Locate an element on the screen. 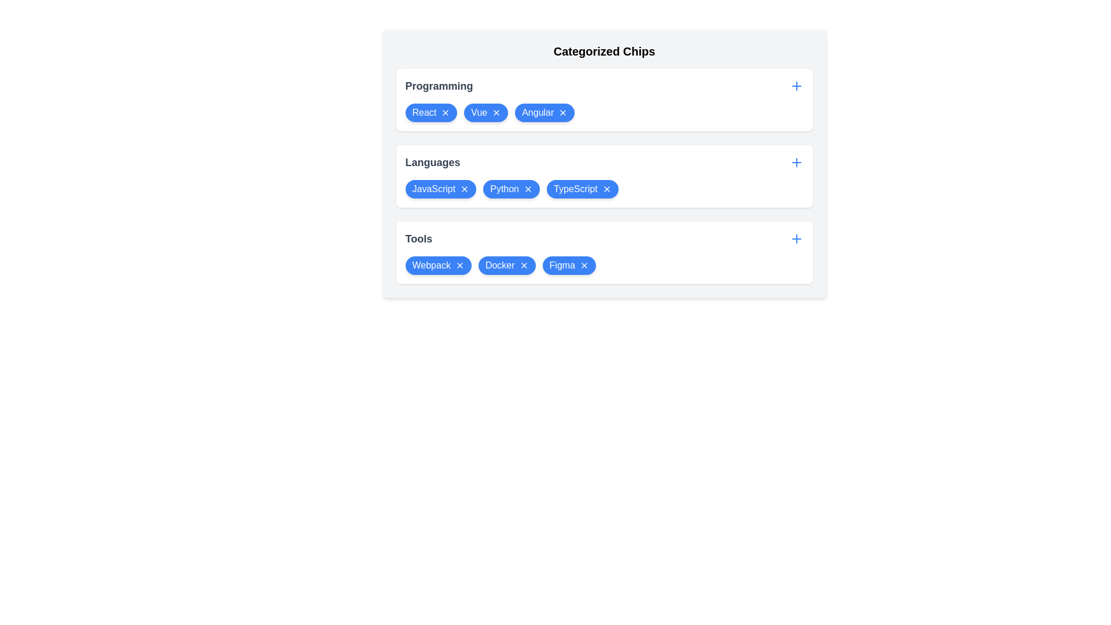 The height and width of the screenshot is (625, 1111). plus button for the Programming category to add a new item is located at coordinates (796, 86).